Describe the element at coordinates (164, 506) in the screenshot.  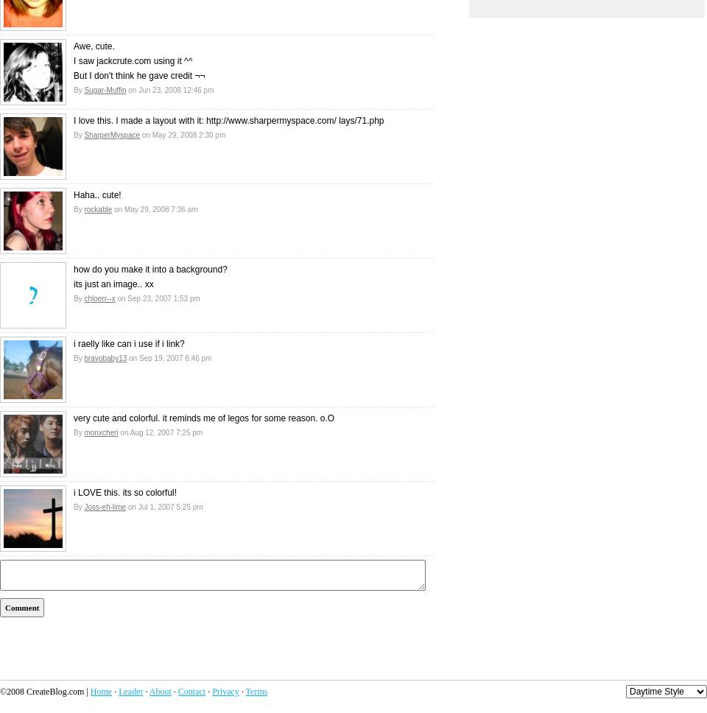
I see `'on Jul  1, 2007 5:25 pm'` at that location.